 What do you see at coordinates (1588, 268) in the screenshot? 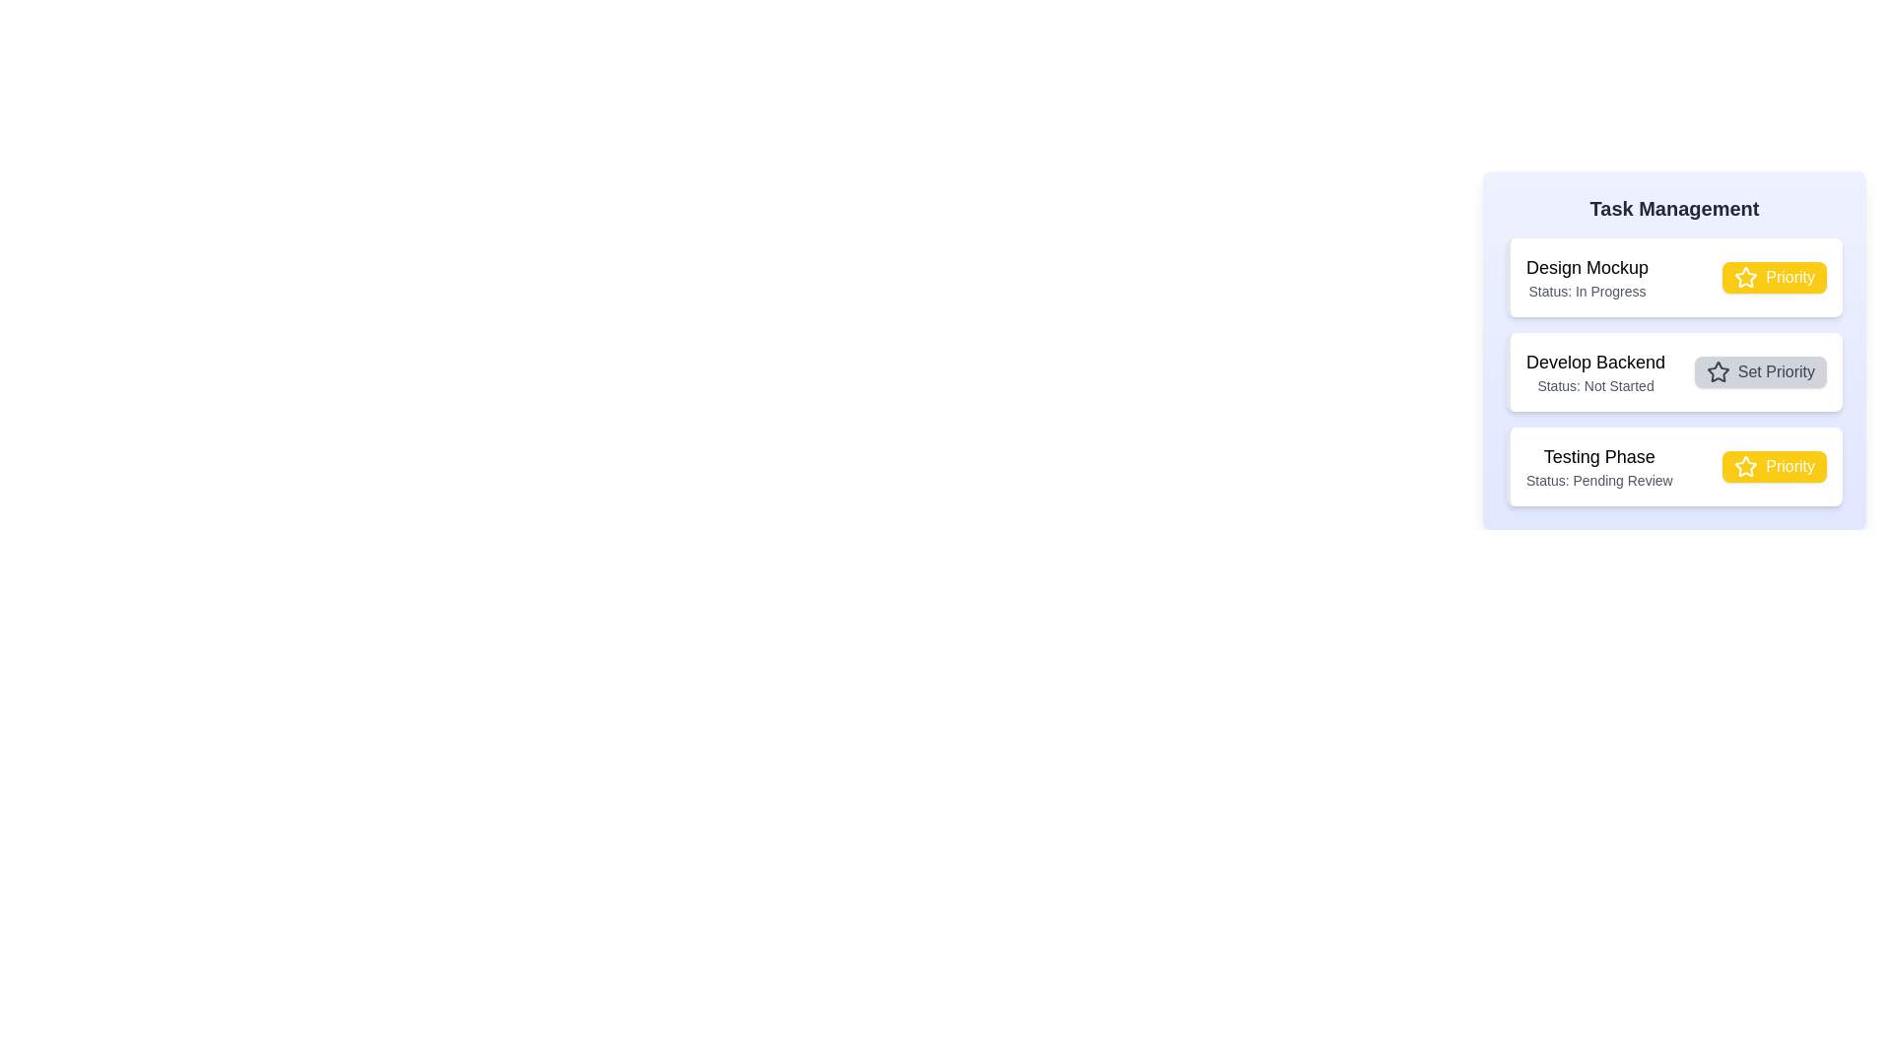
I see `the task title Design Mockup to select its text` at bounding box center [1588, 268].